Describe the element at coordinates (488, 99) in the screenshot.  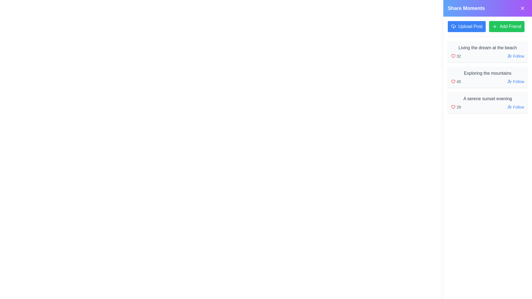
I see `the text element displaying 'A serene sunset evening' in medium-dark gray color, located at the top of the vertically aligned card` at that location.